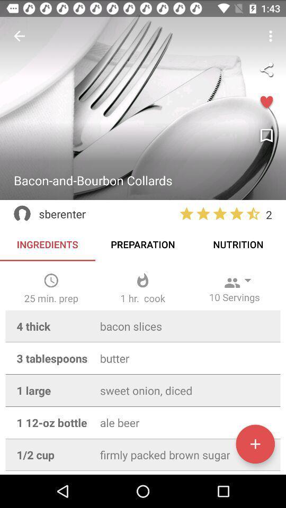  What do you see at coordinates (255, 444) in the screenshot?
I see `recipe` at bounding box center [255, 444].